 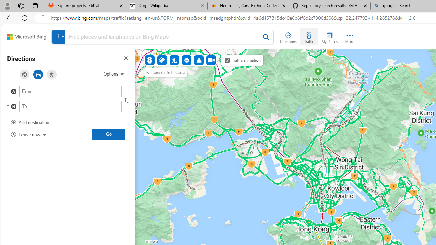 I want to click on 'Dog - Wikipedia', so click(x=167, y=6).